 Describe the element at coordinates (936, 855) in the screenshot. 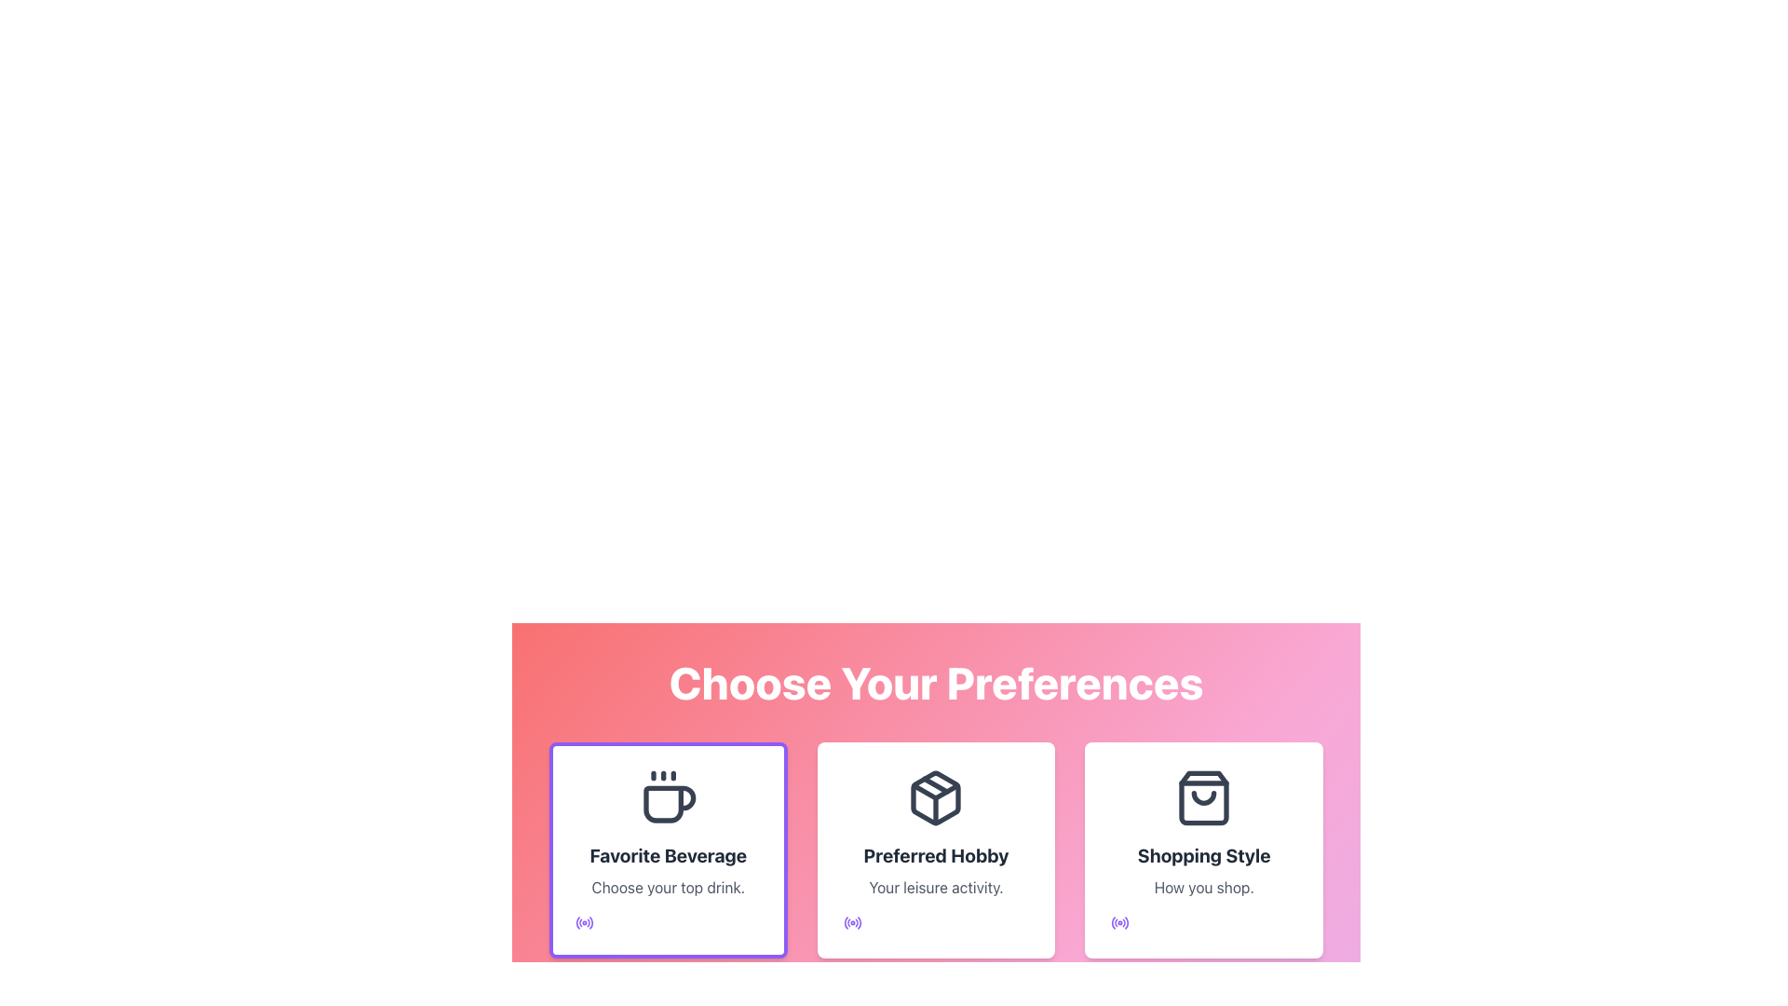

I see `the title text element that describes the user's preferred hobby, located in the middle card below the cube icon and above the smaller text 'Your leisure activity'` at that location.